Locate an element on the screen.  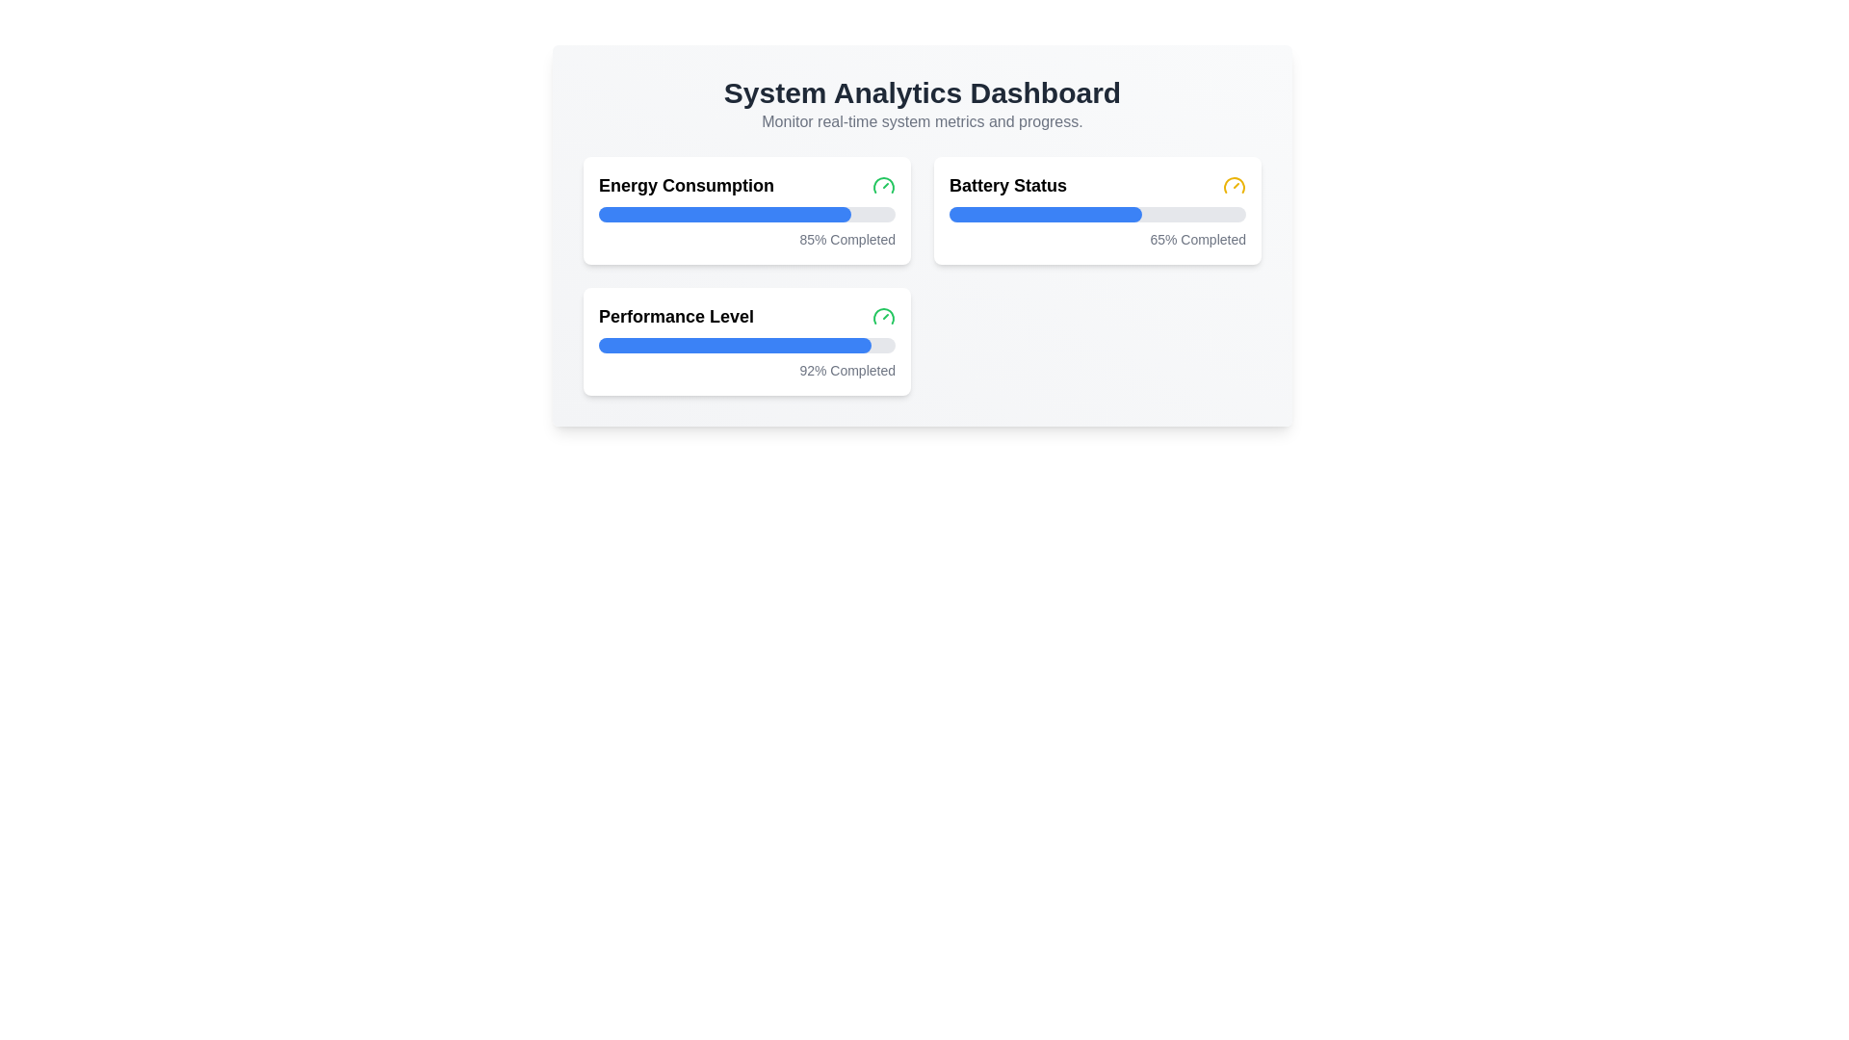
the progress bar within the 'Energy Consumption' box, which has a gray background and a blue-filled portion indicating 85% completion is located at coordinates (746, 215).